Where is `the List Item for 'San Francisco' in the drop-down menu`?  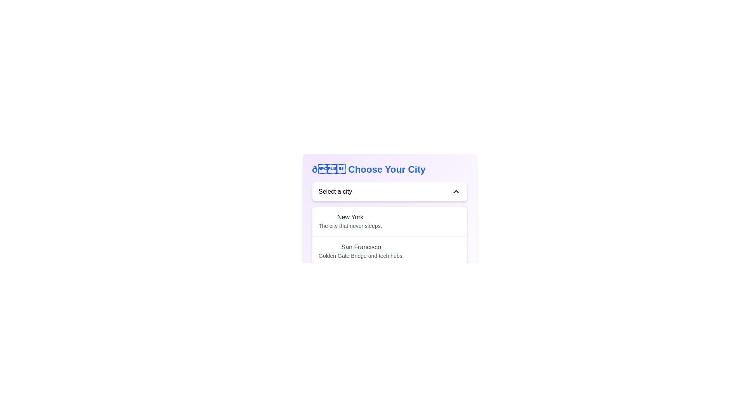
the List Item for 'San Francisco' in the drop-down menu is located at coordinates (390, 250).